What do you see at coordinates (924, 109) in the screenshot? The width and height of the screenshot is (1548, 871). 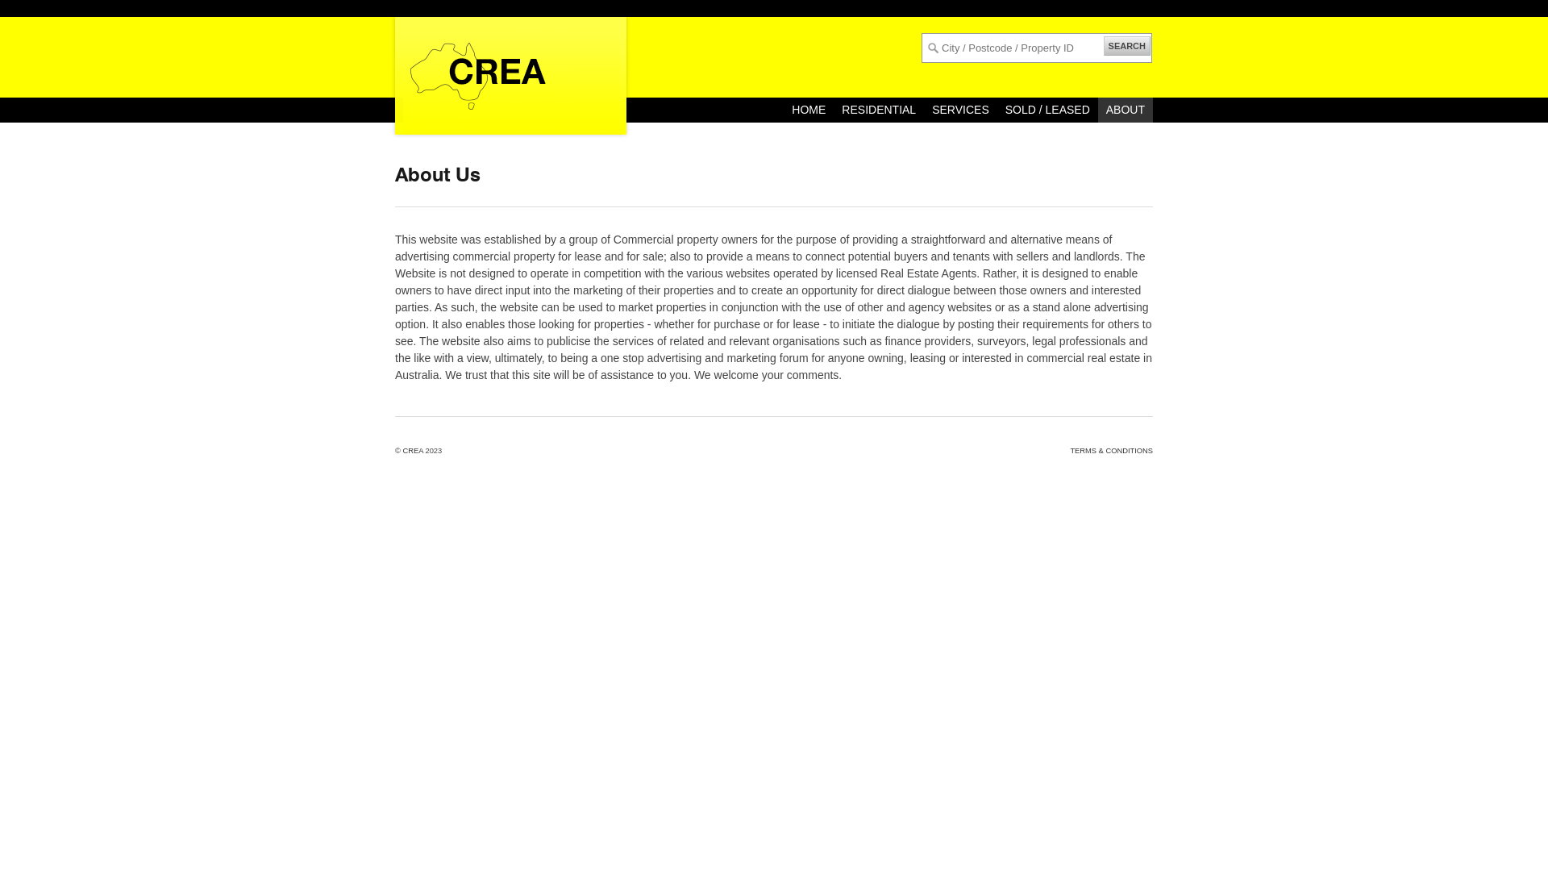 I see `'SERVICES'` at bounding box center [924, 109].